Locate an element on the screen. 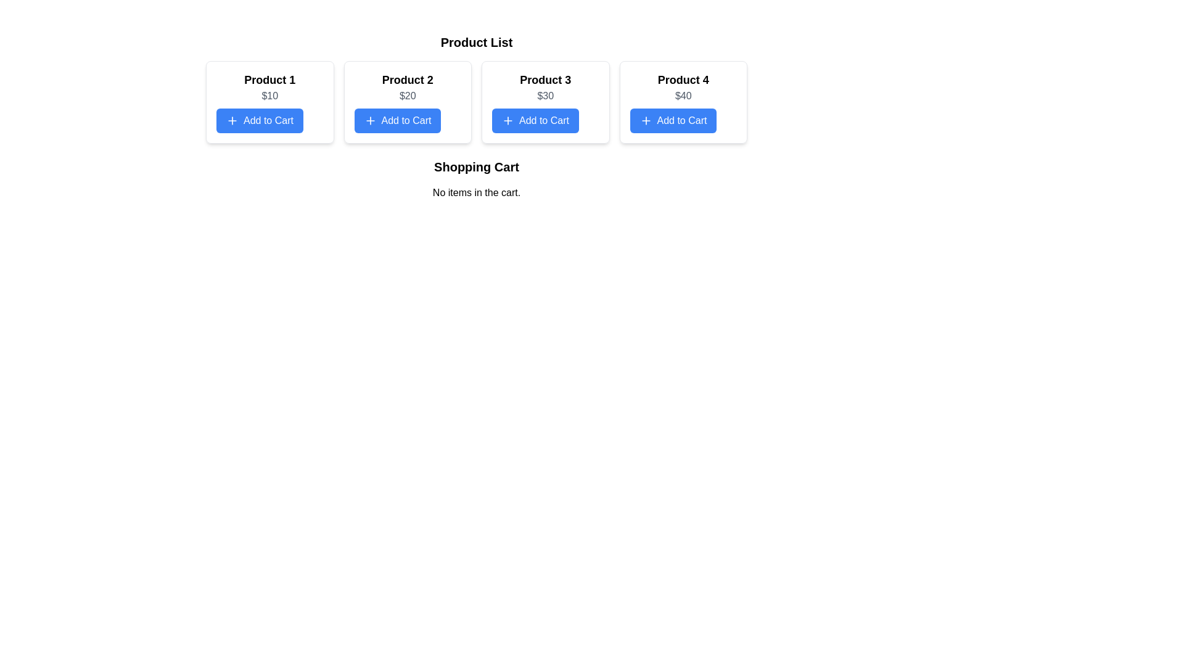 The width and height of the screenshot is (1184, 666). the label displaying the text "$30" in gray color, which is located in the product card for "Product 3", positioned below the title and above the "Add to Cart" button is located at coordinates (545, 95).